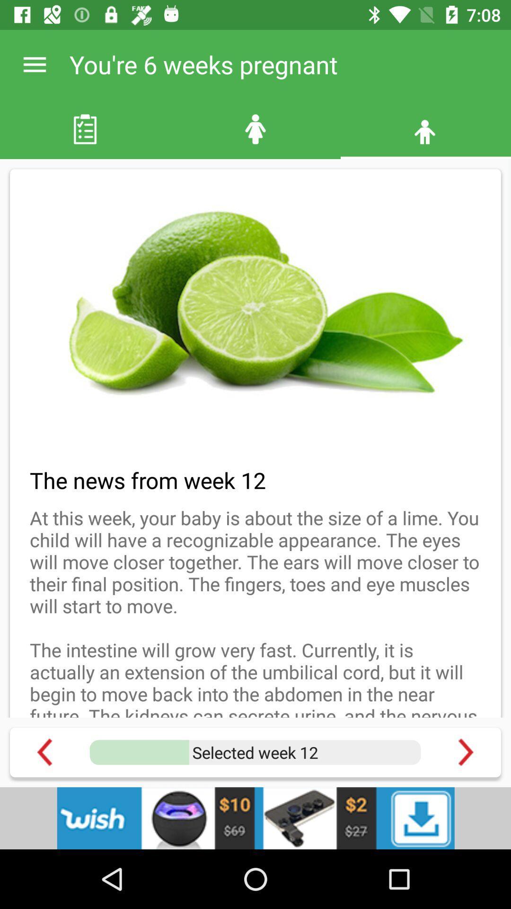 This screenshot has height=909, width=511. What do you see at coordinates (465, 752) in the screenshot?
I see `best pregnancy app for you` at bounding box center [465, 752].